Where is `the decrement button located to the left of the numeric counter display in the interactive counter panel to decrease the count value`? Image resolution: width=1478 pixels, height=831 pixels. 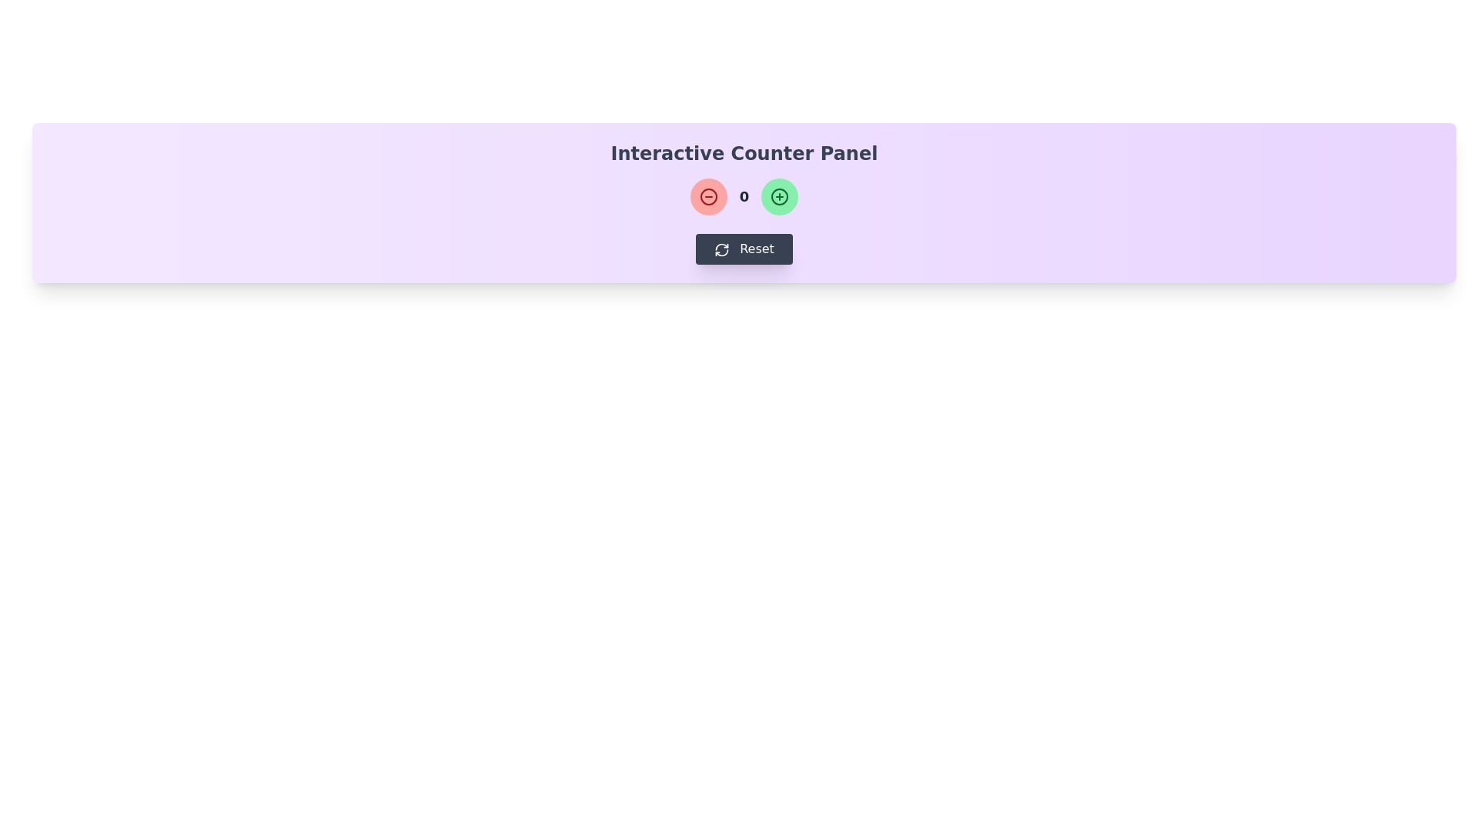
the decrement button located to the left of the numeric counter display in the interactive counter panel to decrease the count value is located at coordinates (707, 195).